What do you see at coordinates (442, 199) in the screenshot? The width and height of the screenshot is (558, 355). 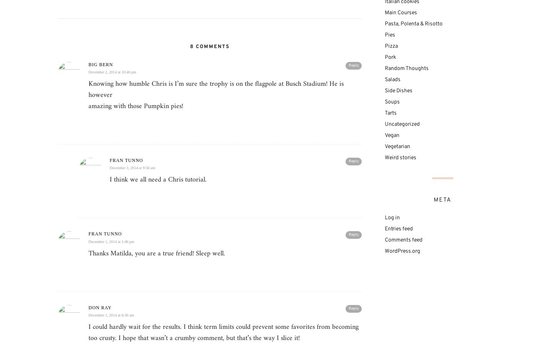 I see `'Meta'` at bounding box center [442, 199].